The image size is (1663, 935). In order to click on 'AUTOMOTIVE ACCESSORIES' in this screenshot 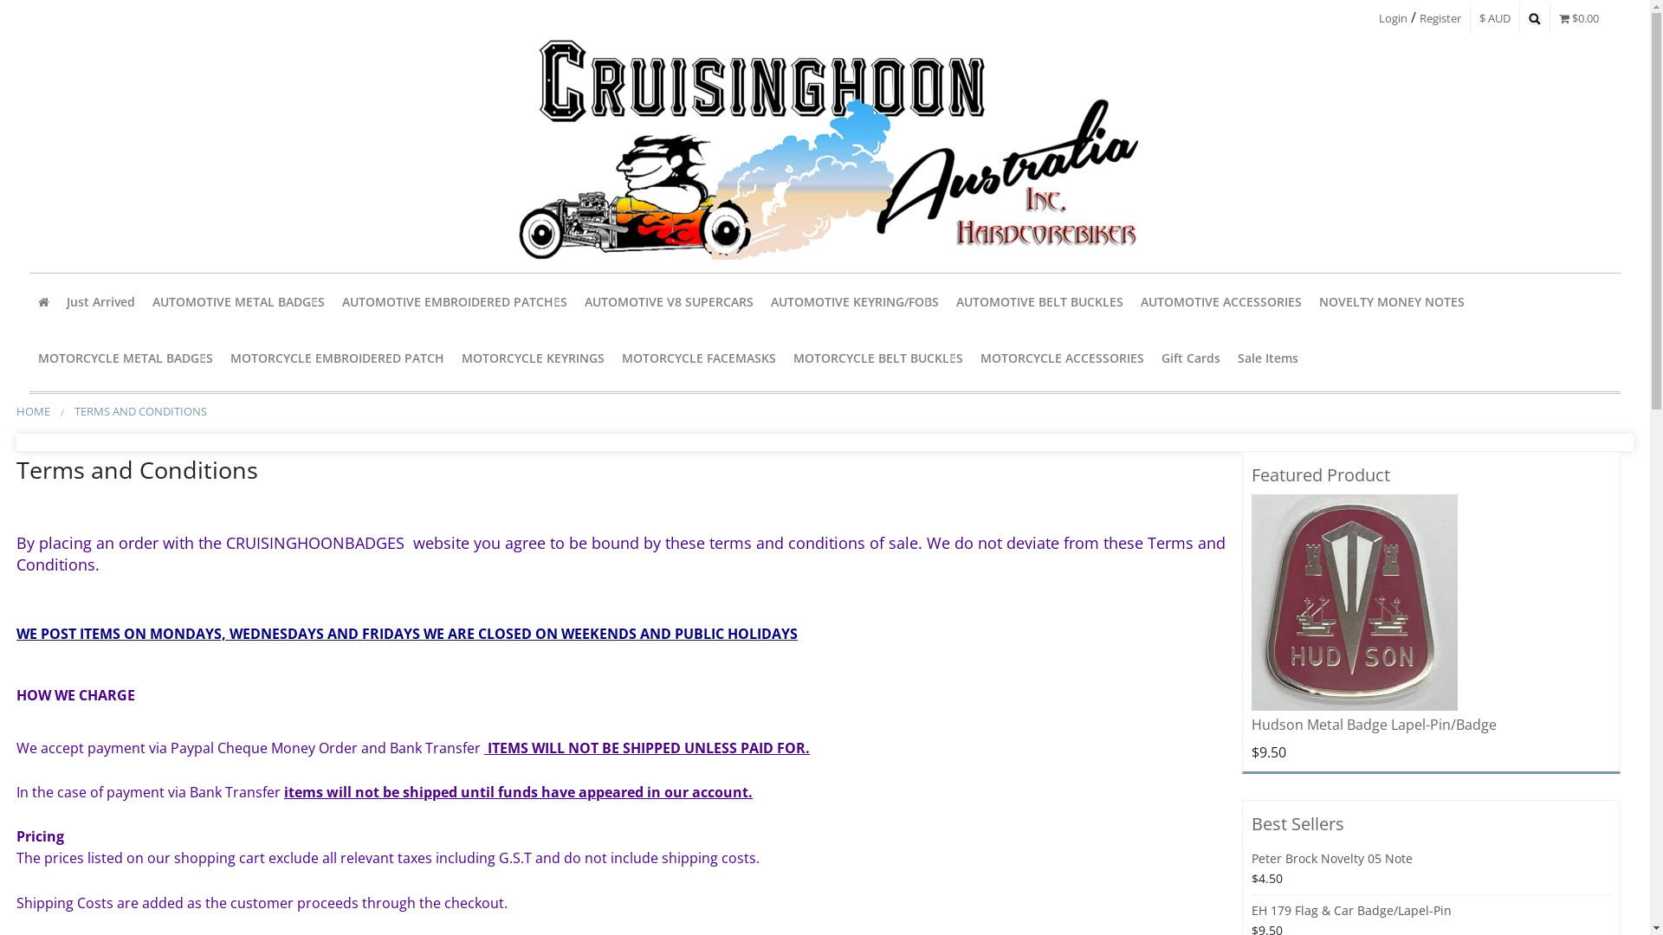, I will do `click(1220, 300)`.